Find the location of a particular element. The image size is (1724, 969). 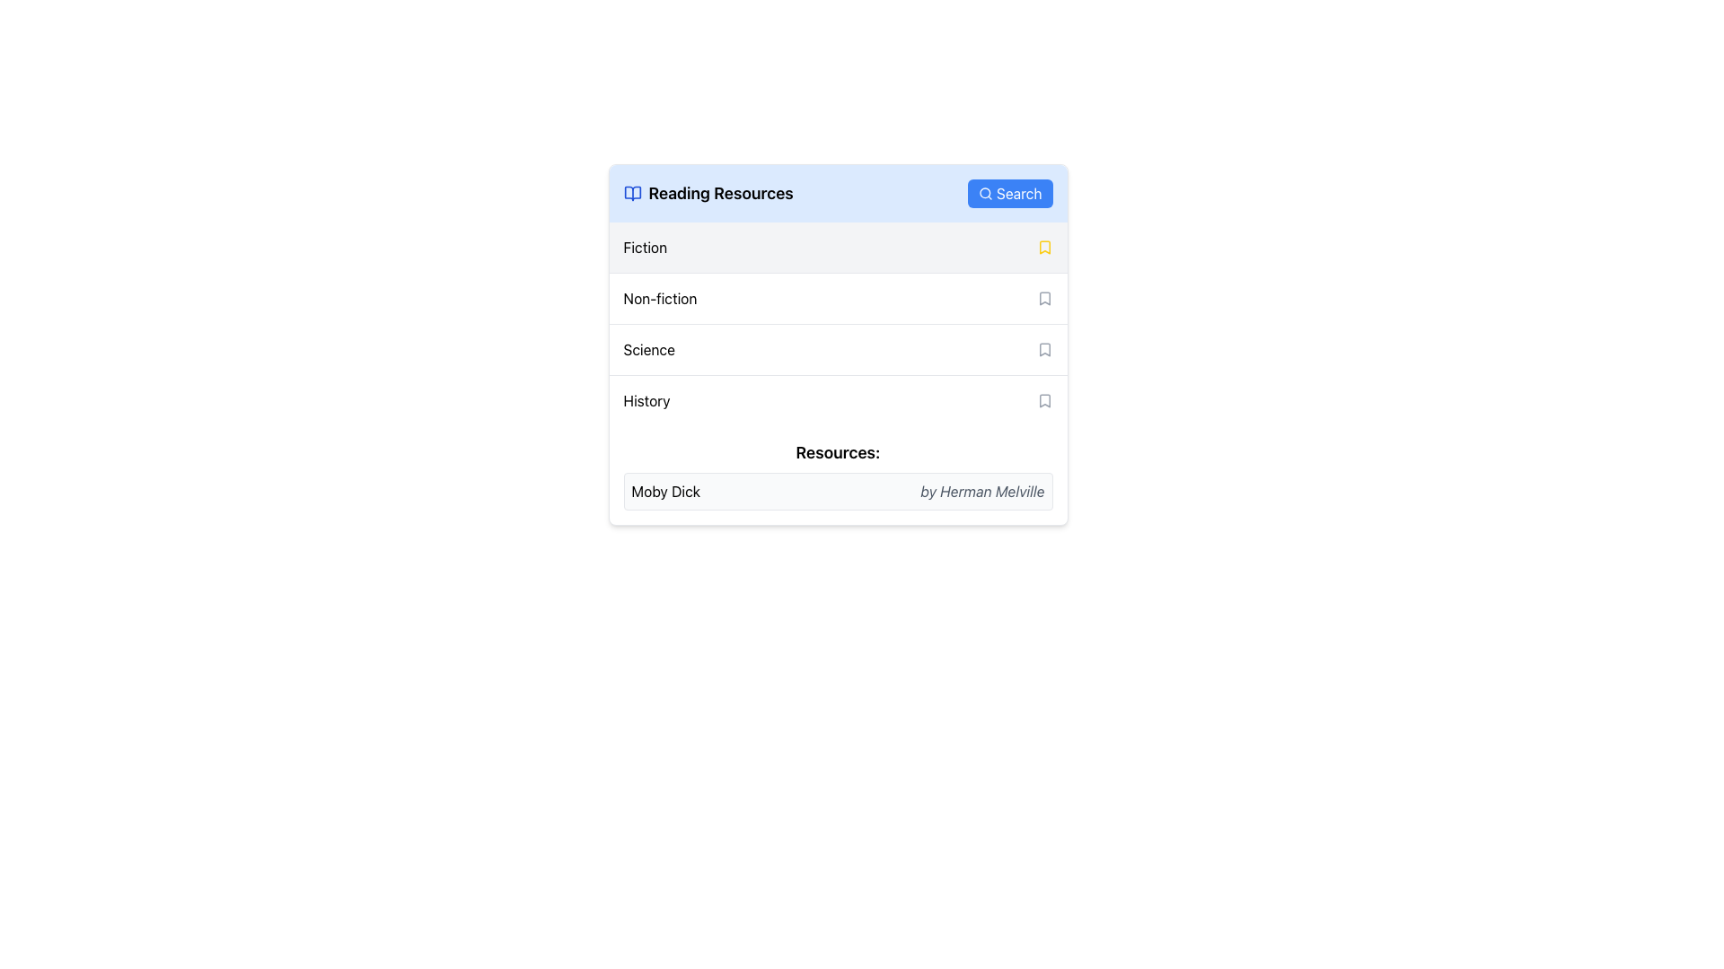

the hollow bookmark icon button on the right side of the 'Non-fiction' row in the 'Reading Resources' panel, which is the second bookmark icon from the top is located at coordinates (1044, 297).